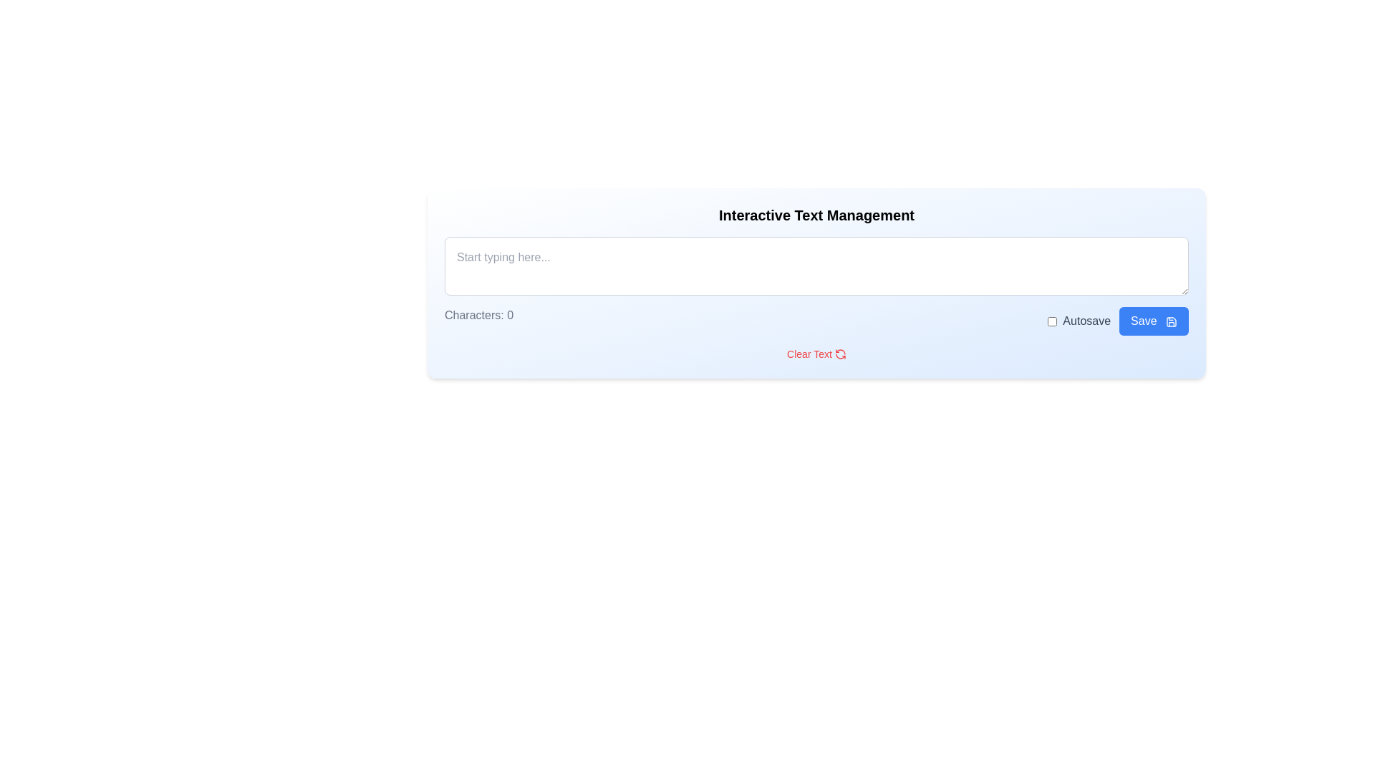 Image resolution: width=1375 pixels, height=773 pixels. Describe the element at coordinates (1086, 320) in the screenshot. I see `the label that provides descriptive information for the adjacent checkbox, located in the right-bottom area of the interface` at that location.